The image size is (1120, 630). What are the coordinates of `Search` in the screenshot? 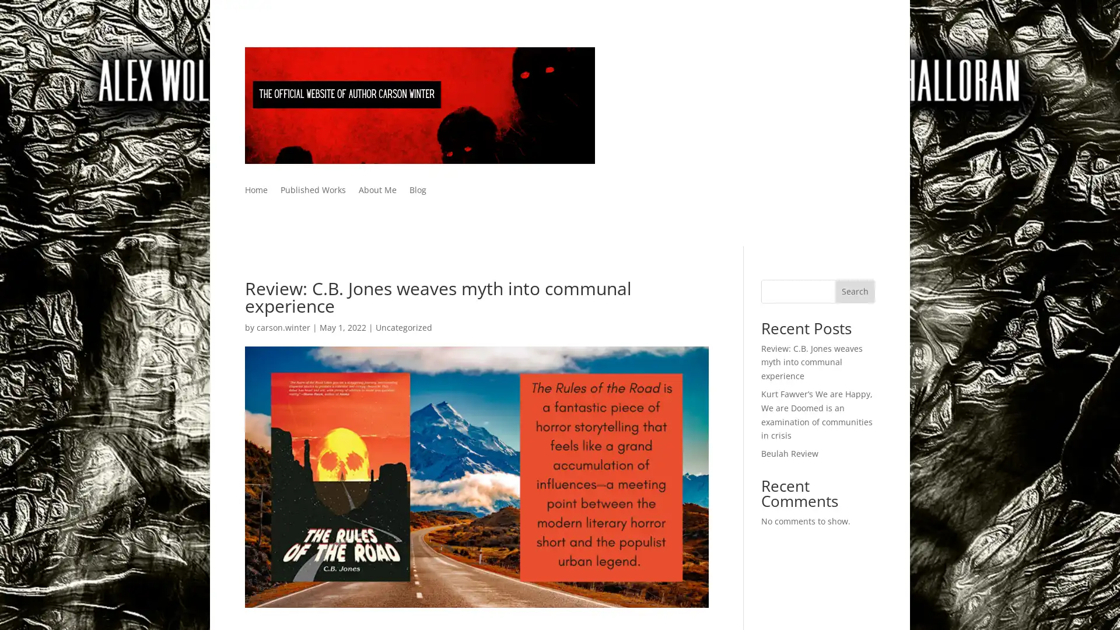 It's located at (855, 290).